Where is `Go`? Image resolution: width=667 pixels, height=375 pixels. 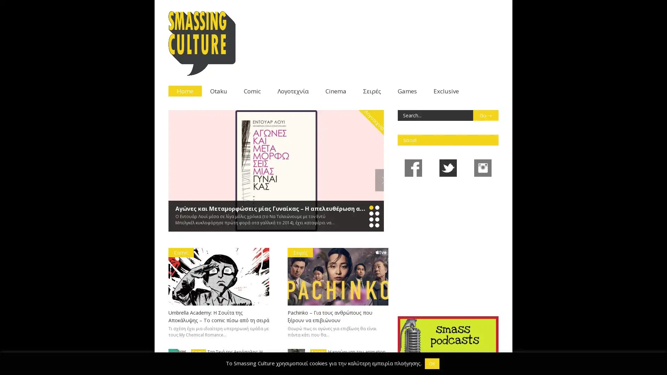 Go is located at coordinates (485, 115).